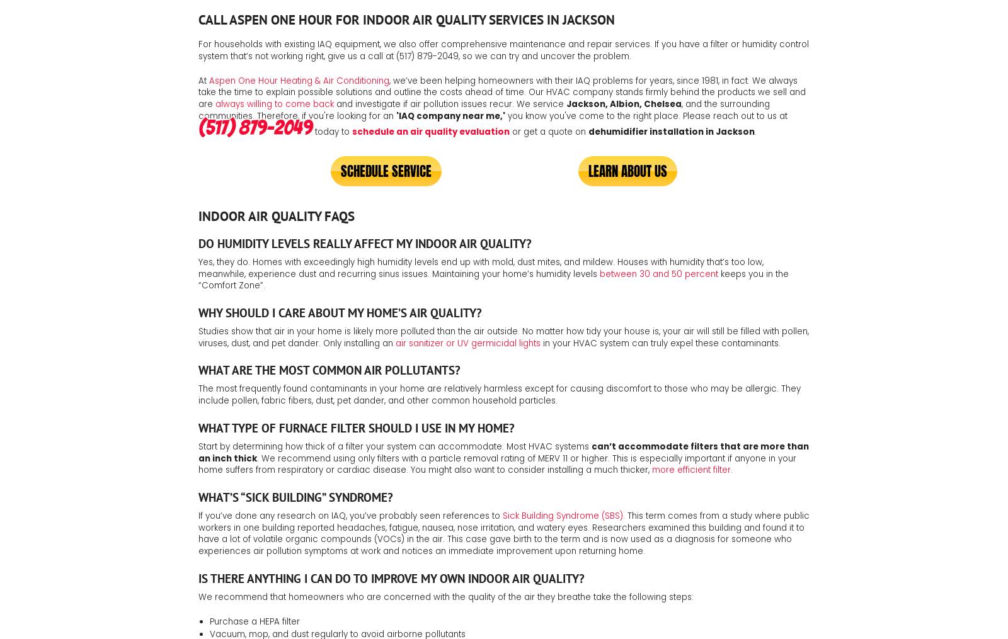 This screenshot has width=1008, height=639. Describe the element at coordinates (209, 80) in the screenshot. I see `'Aspen One Hour Heating & Air Conditioning'` at that location.